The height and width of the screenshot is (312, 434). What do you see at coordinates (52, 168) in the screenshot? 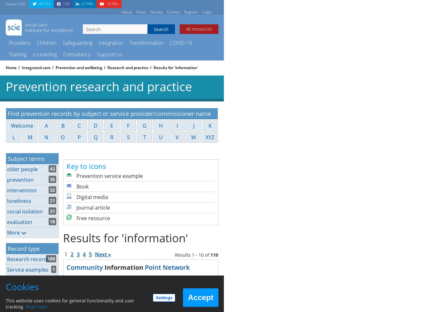
I see `'42'` at bounding box center [52, 168].